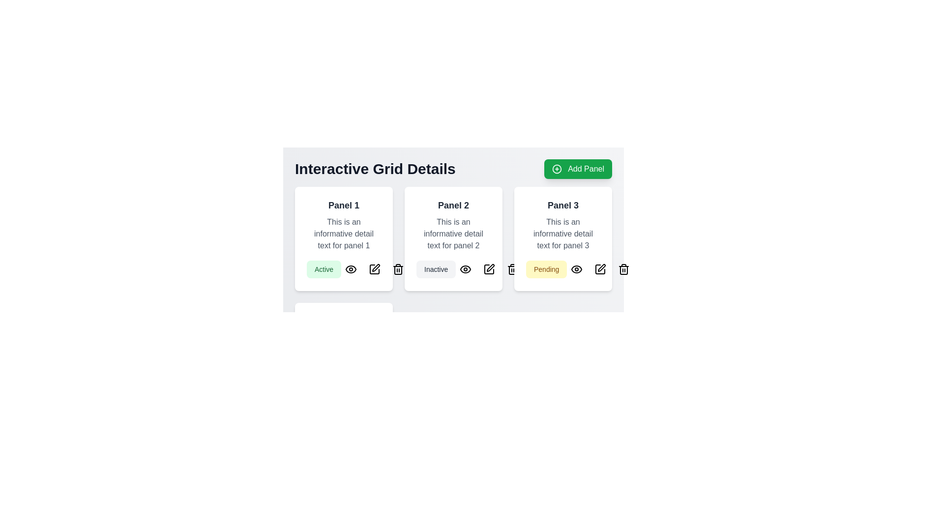  Describe the element at coordinates (453, 168) in the screenshot. I see `title of the header that indicates the section is about interactive grid details, which includes the 'Add Panel' button for adding new panels` at that location.